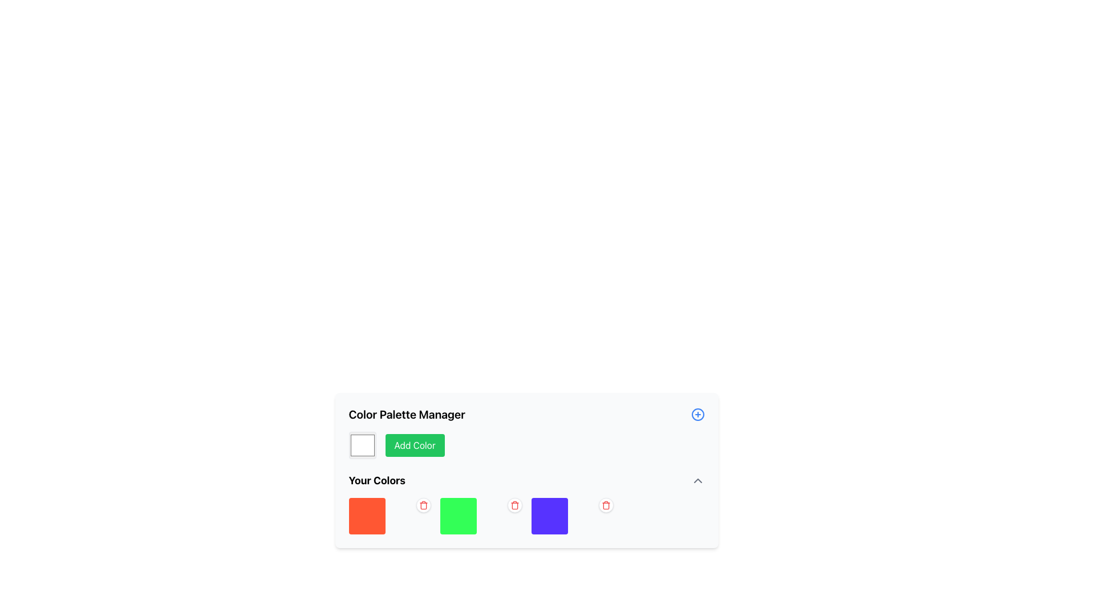 The image size is (1095, 616). What do you see at coordinates (423, 505) in the screenshot?
I see `the rounded rectangular delete bin button located to the right of the green color block in the 'Your Colors' section` at bounding box center [423, 505].